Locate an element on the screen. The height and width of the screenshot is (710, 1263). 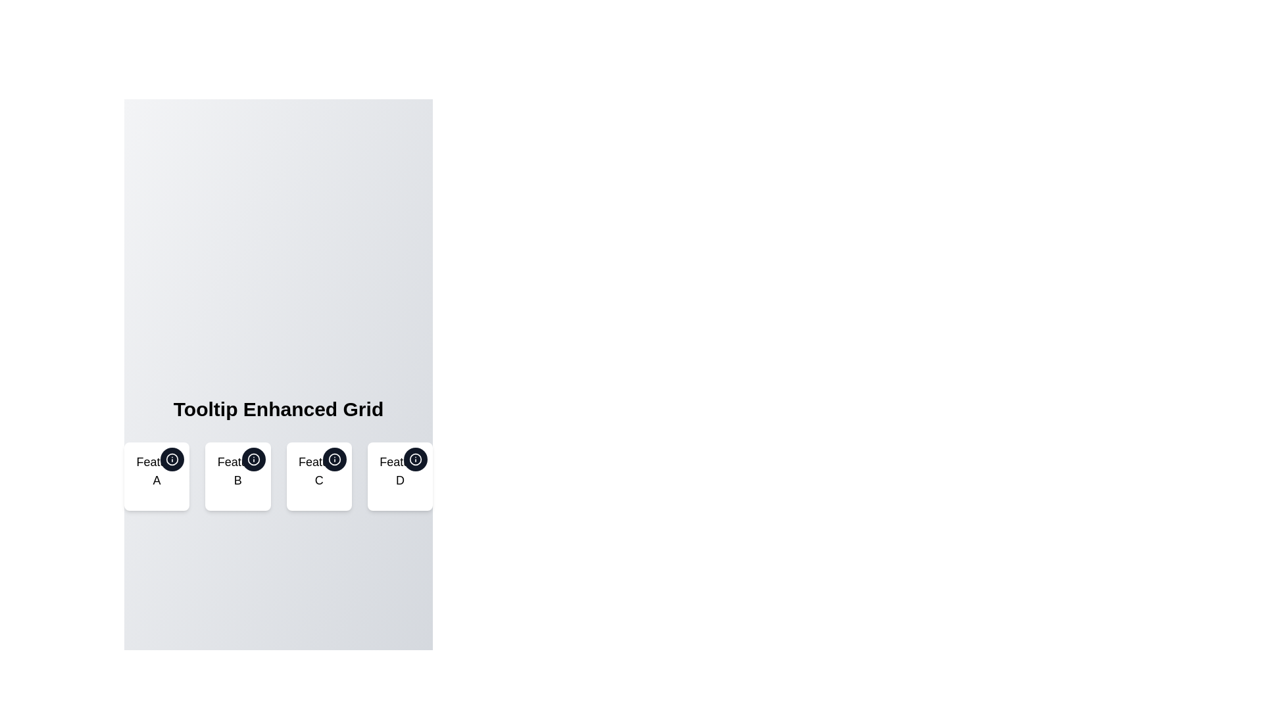
the text label 'Feature B' located within the second card of a horizontal grid under the title 'Tooltip Enhanced Grid' is located at coordinates (237, 471).